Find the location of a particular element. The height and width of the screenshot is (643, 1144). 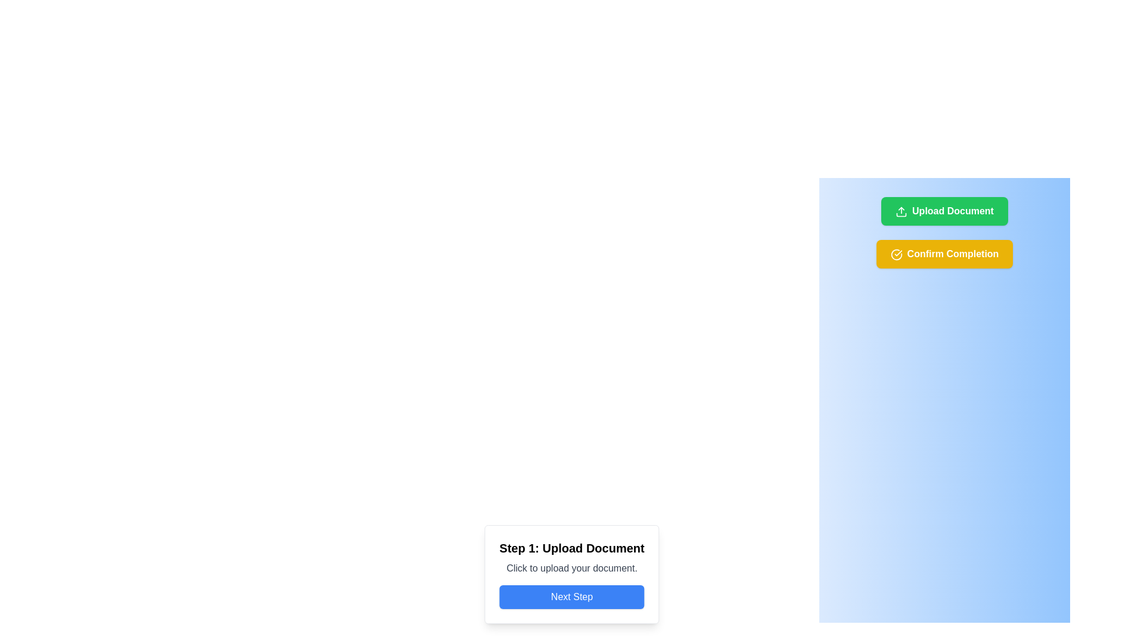

the instructional text label guiding the user to click for uploading a document, which is located below the title 'Step 1: Upload Document' and above the blue 'Next Step' button is located at coordinates (572, 568).